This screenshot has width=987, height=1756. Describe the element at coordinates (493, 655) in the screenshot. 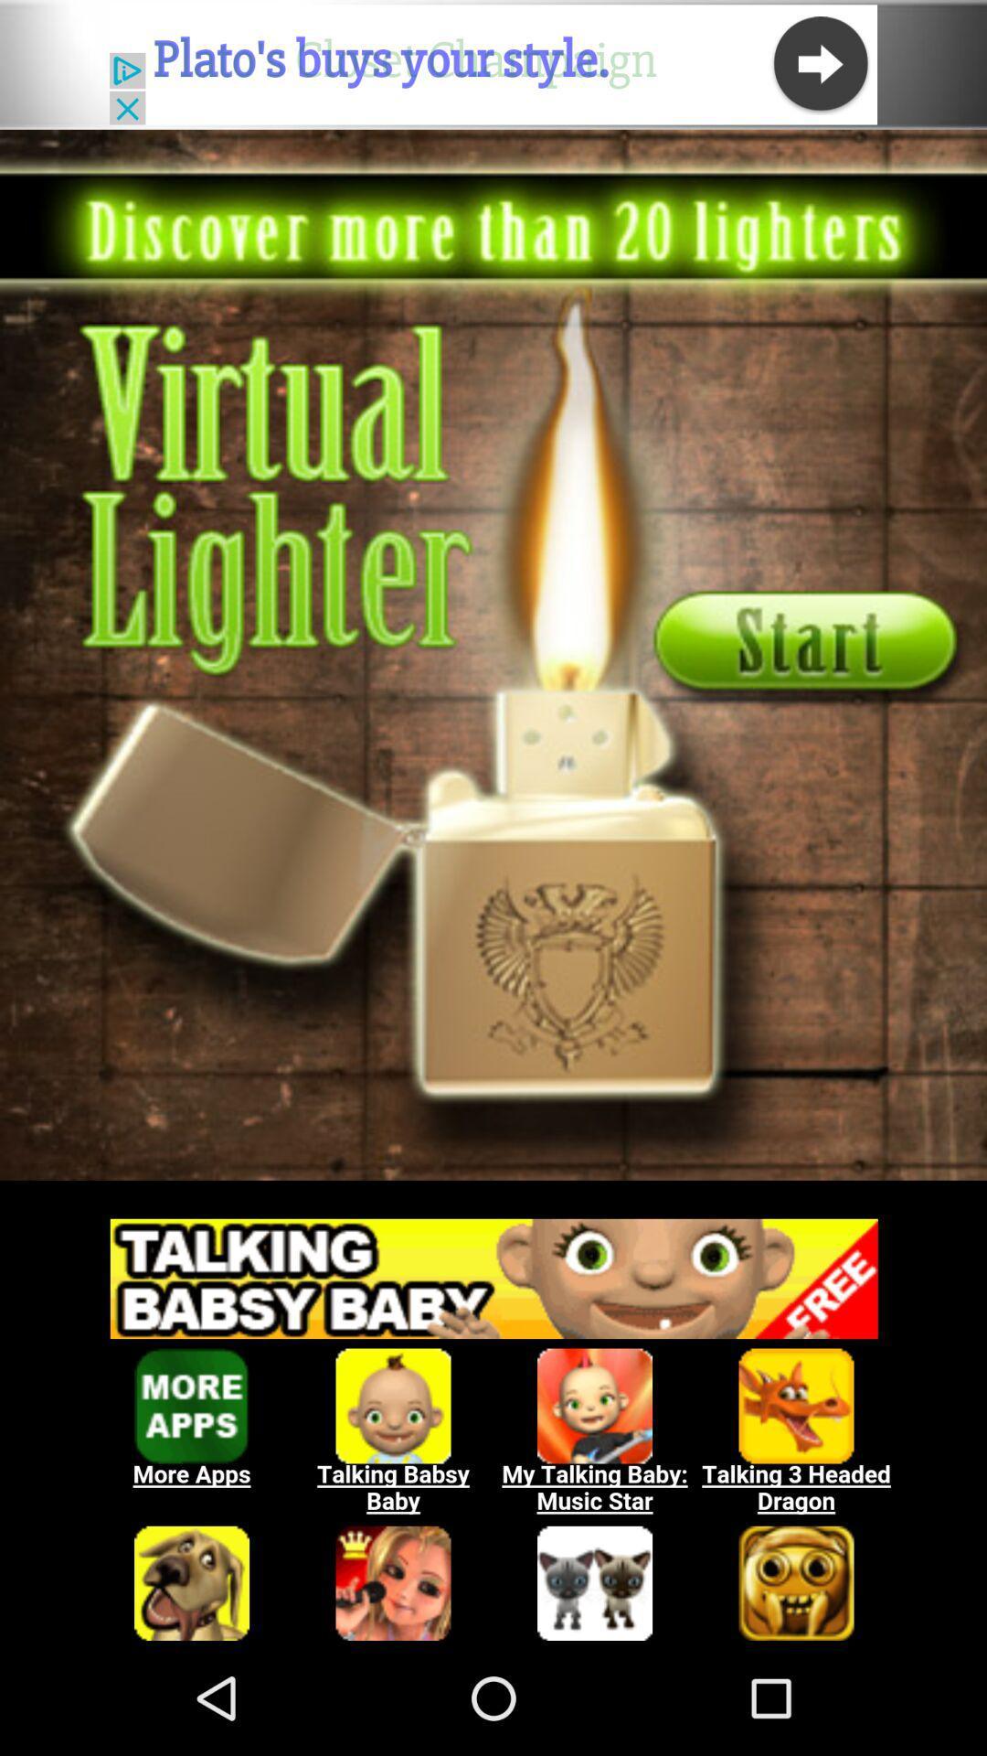

I see `game` at that location.